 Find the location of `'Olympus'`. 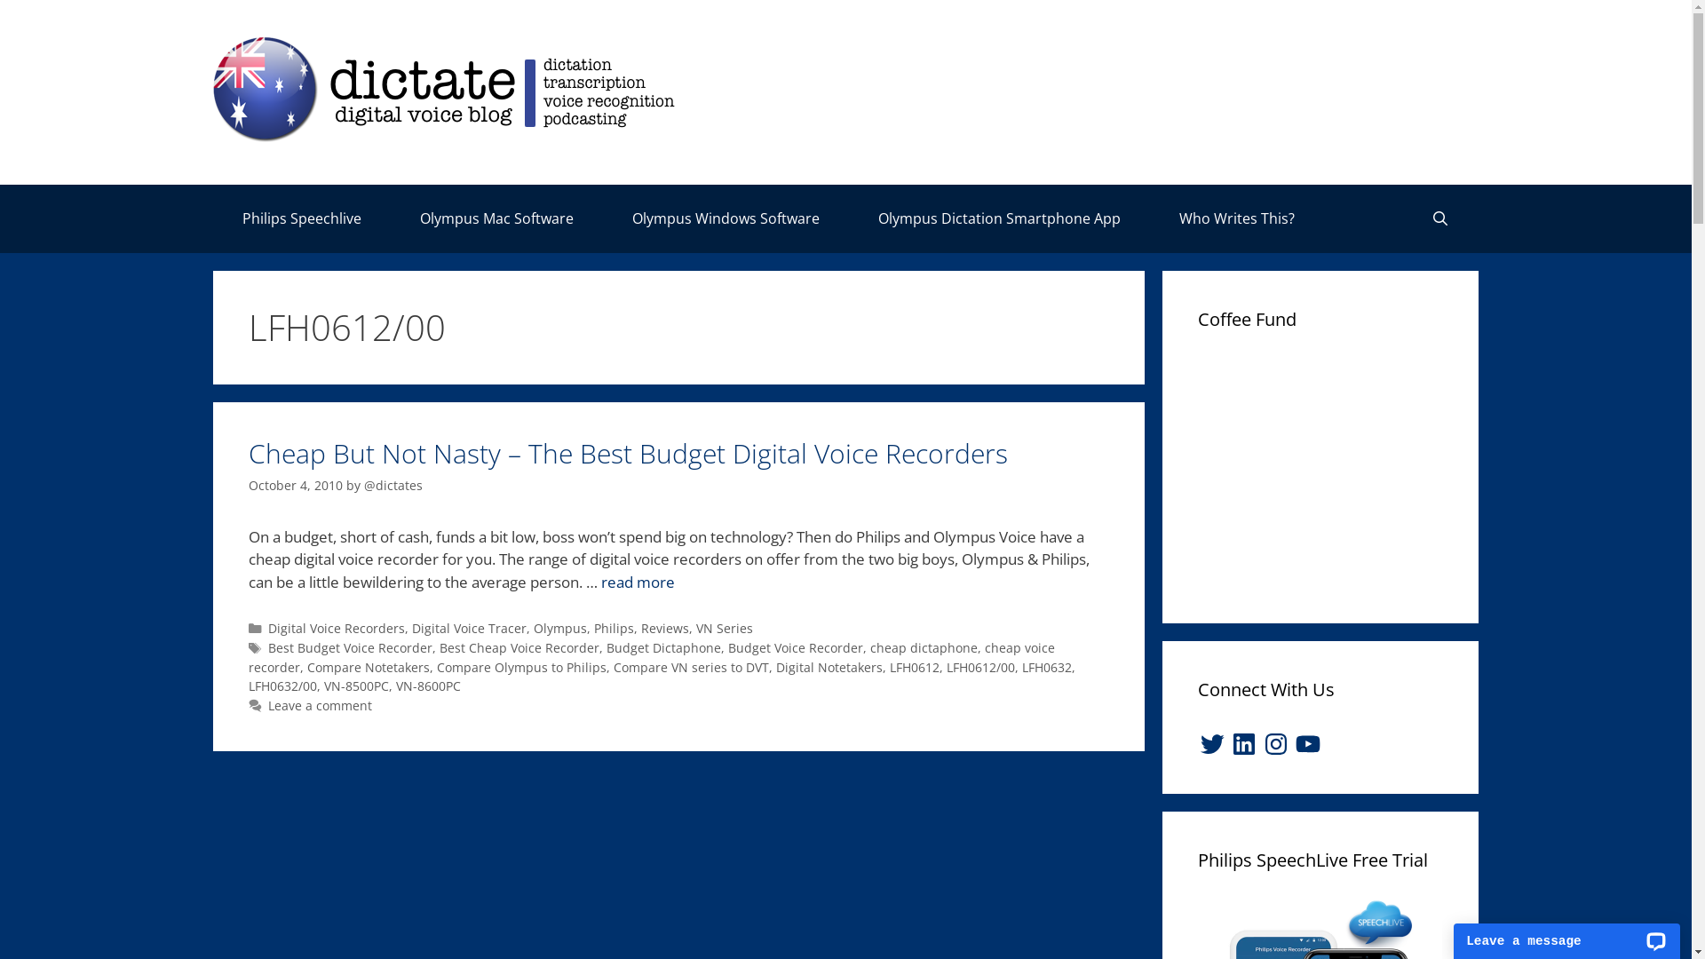

'Olympus' is located at coordinates (559, 627).